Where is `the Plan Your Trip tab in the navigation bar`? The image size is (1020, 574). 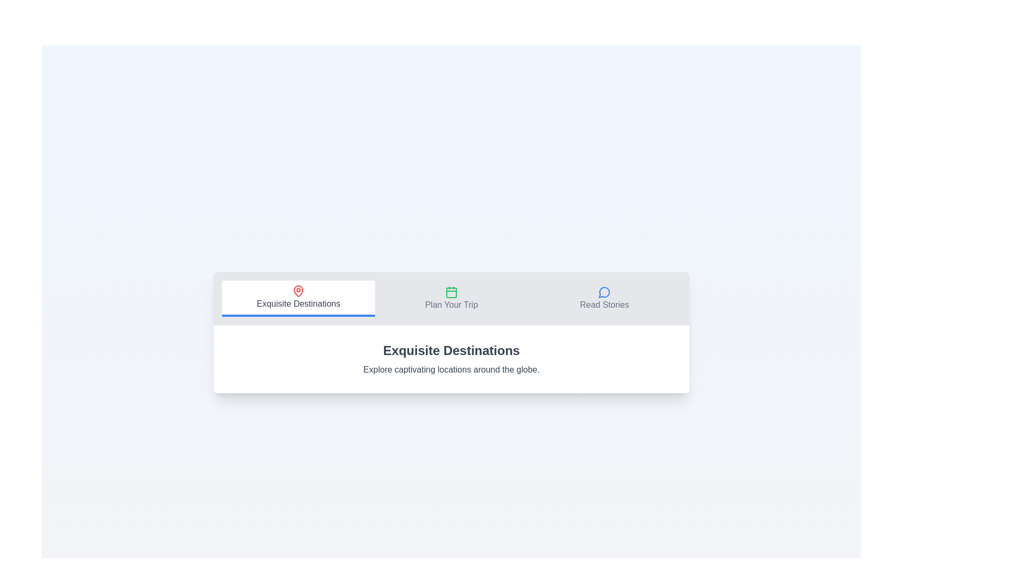
the Plan Your Trip tab in the navigation bar is located at coordinates (451, 299).